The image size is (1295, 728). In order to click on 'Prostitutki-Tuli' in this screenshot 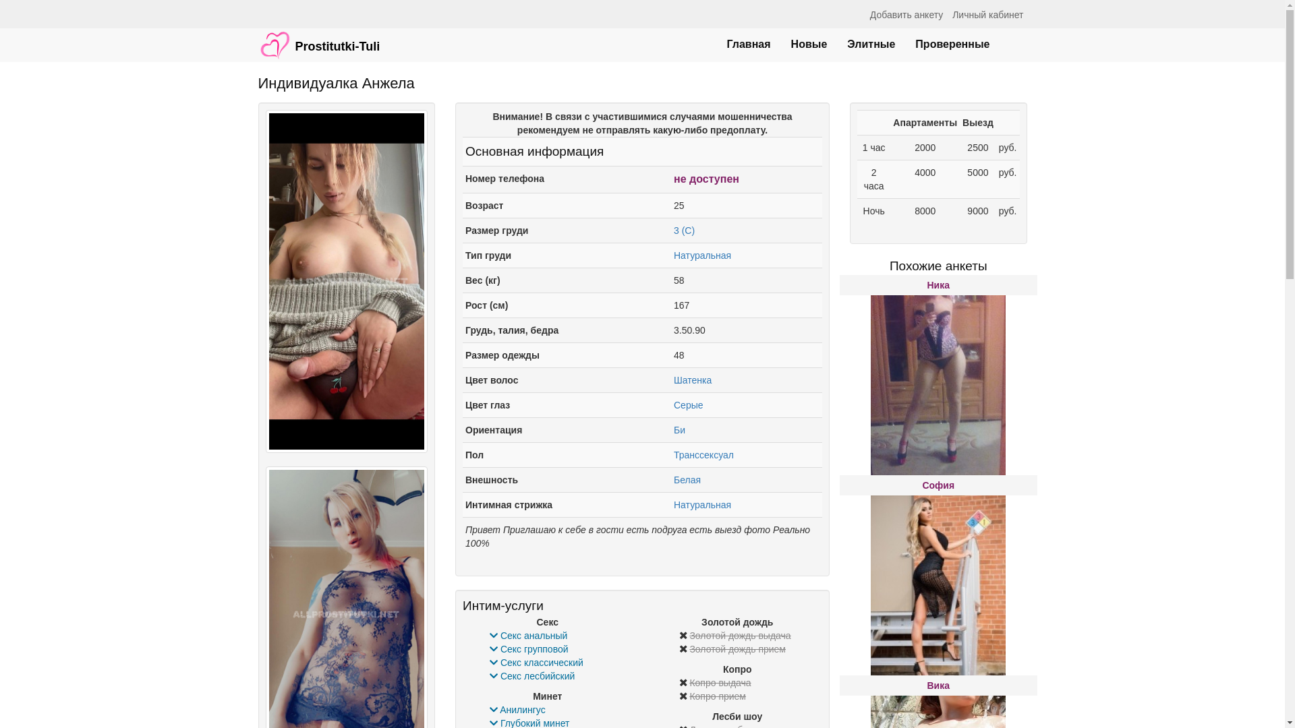, I will do `click(318, 38)`.